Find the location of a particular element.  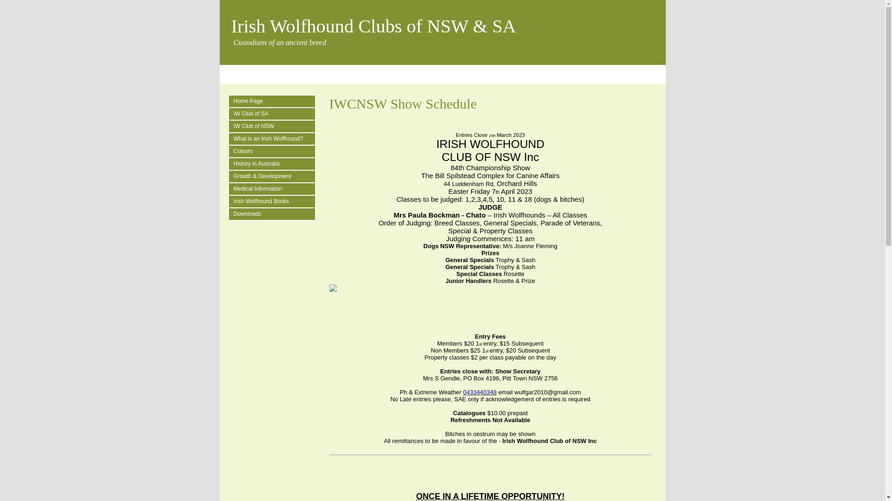

'Medical Information' is located at coordinates (233, 188).